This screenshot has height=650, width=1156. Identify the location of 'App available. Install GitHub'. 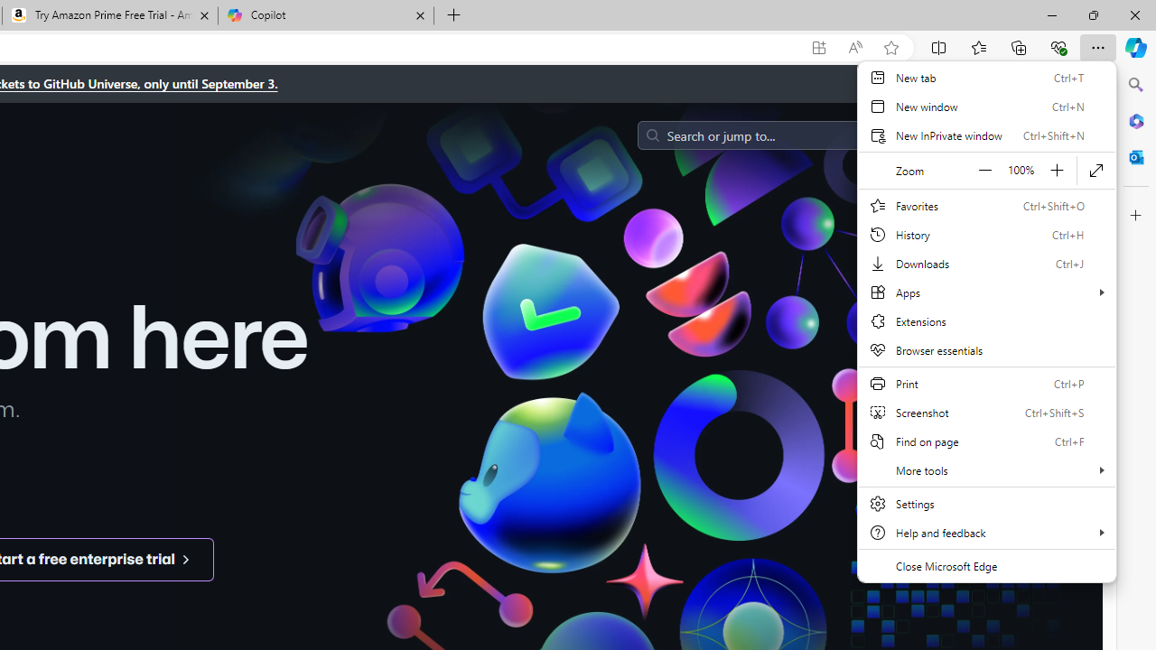
(817, 47).